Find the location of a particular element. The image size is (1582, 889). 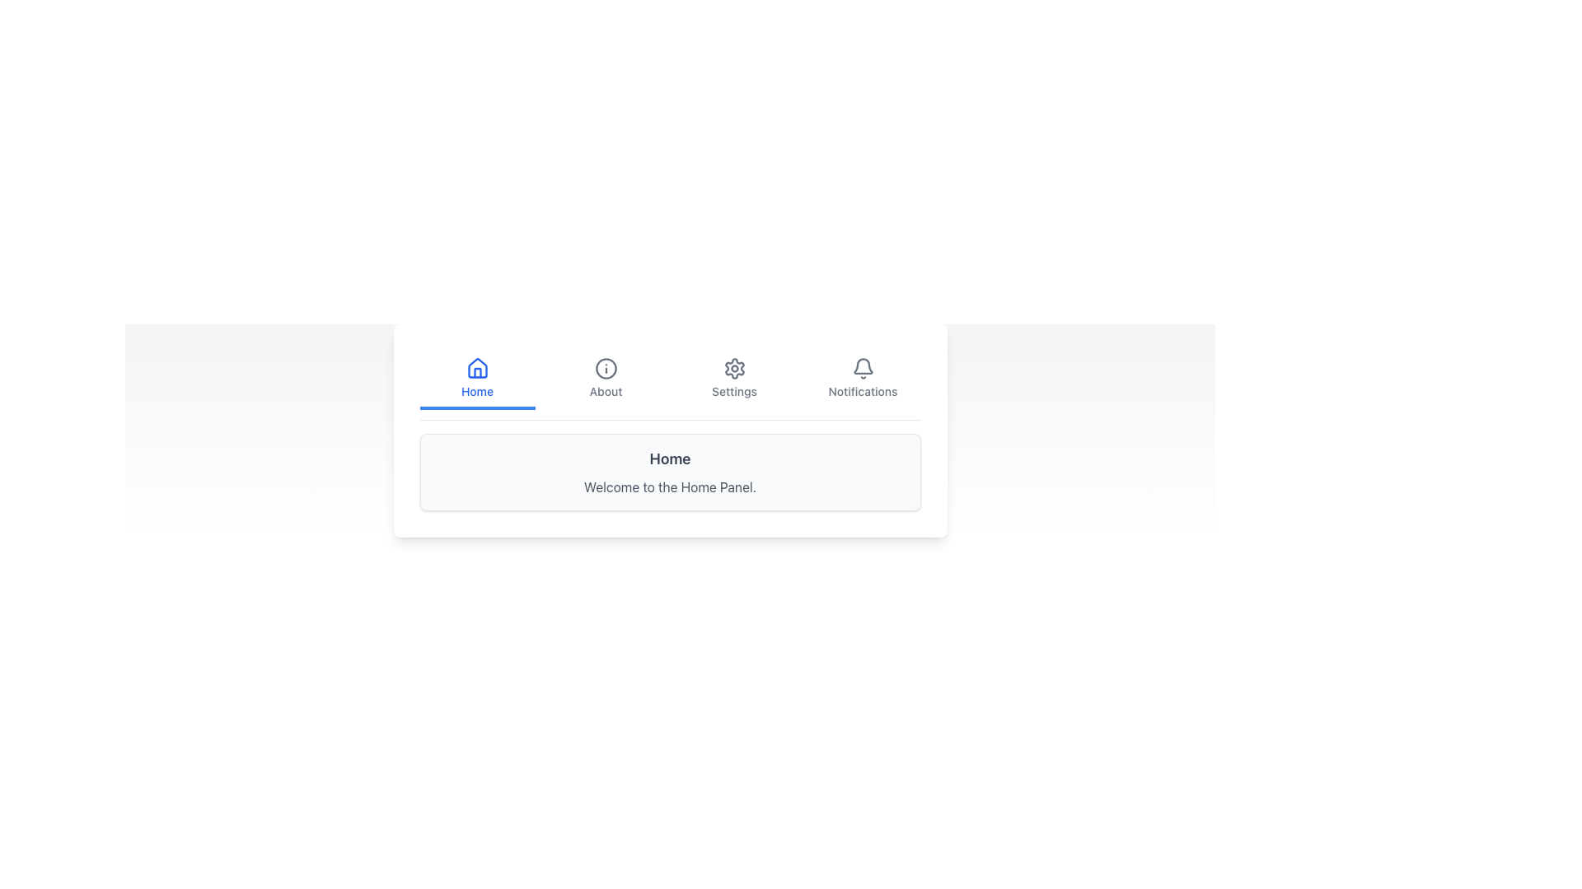

the second button in the horizontal navigation menu that has an icon and a text label for navigating to the 'About' page is located at coordinates (605, 380).